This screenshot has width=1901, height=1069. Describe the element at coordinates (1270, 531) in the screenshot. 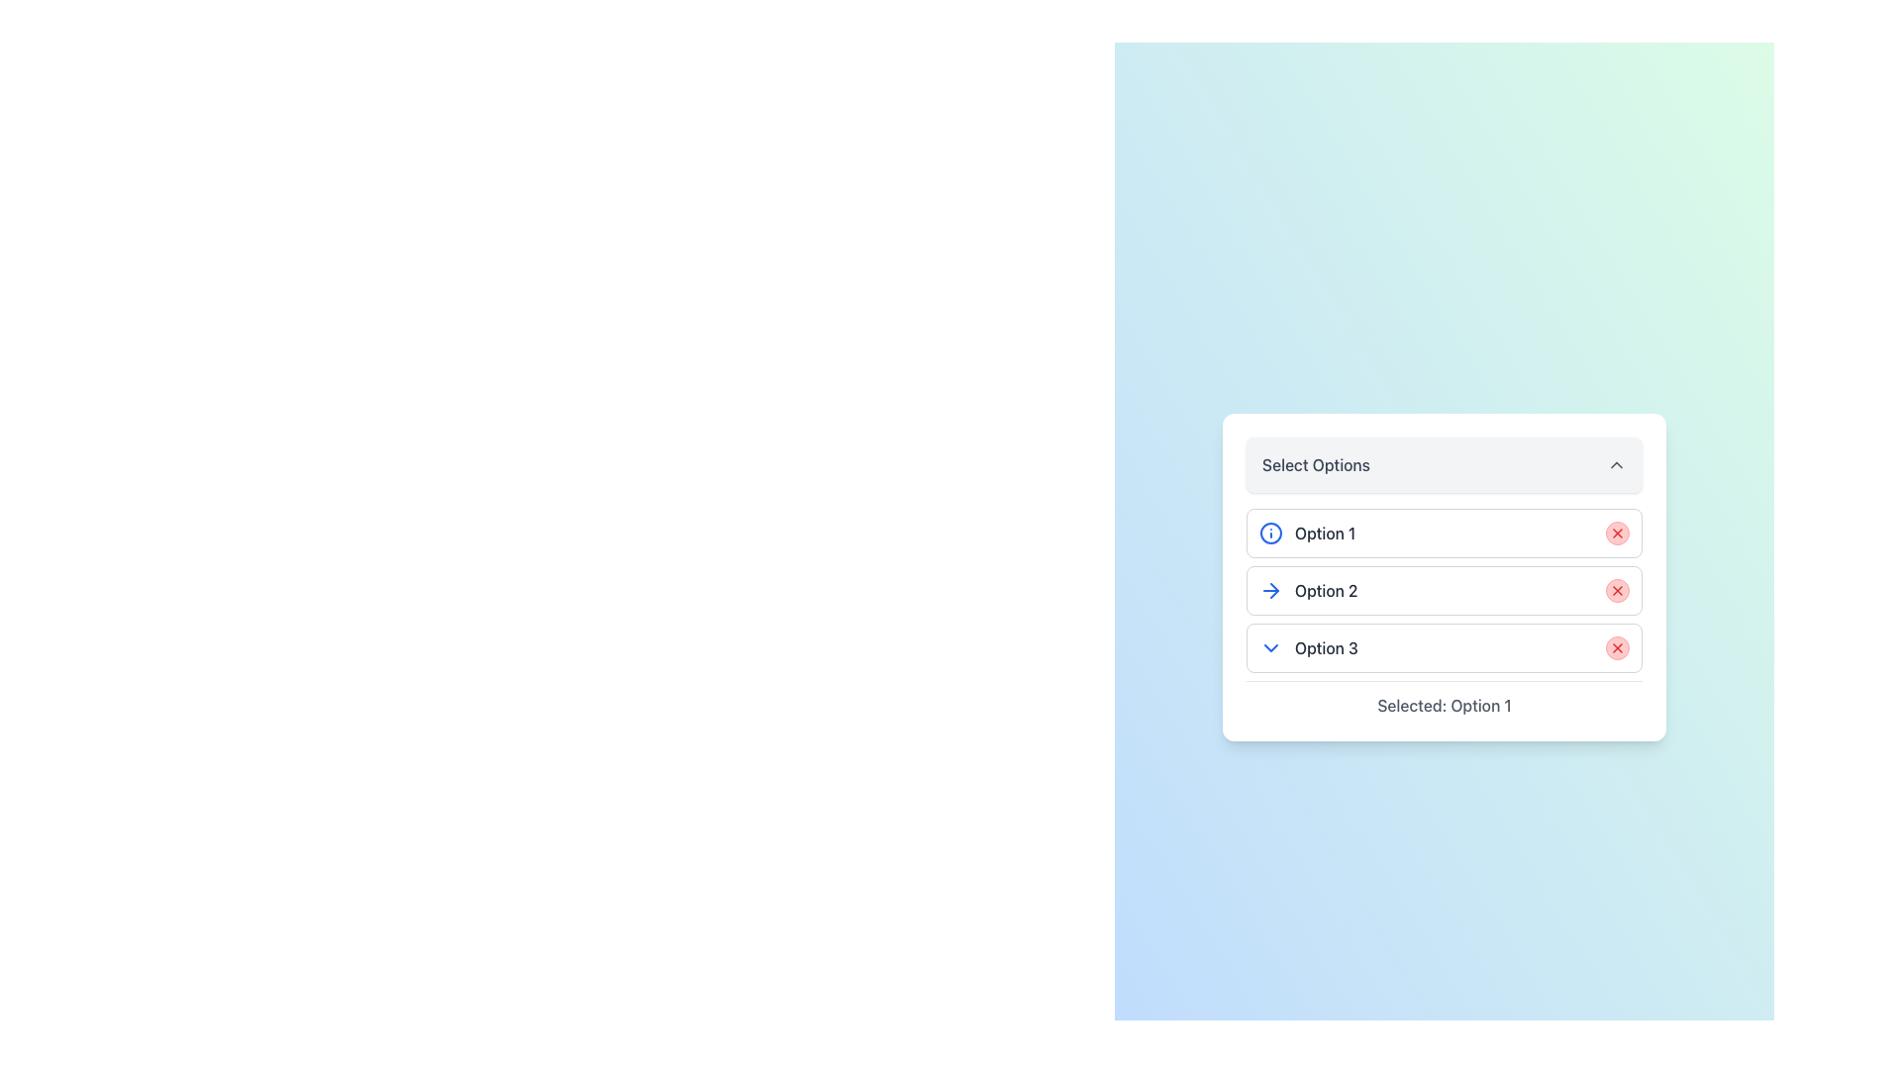

I see `the decorative or informational icon related to the first option in the selectable list located in the left section of the 'Option 1' row in a dropdown menu` at that location.